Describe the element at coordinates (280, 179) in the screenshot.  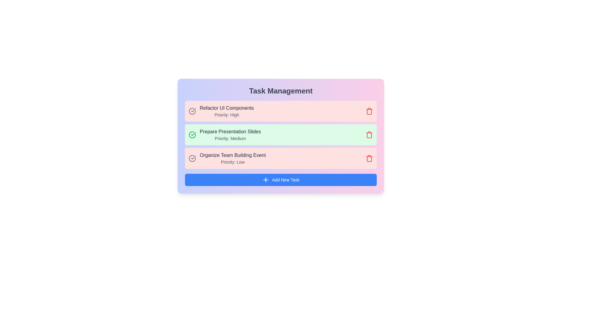
I see `the 'Add New Task' button to initiate adding a new task` at that location.